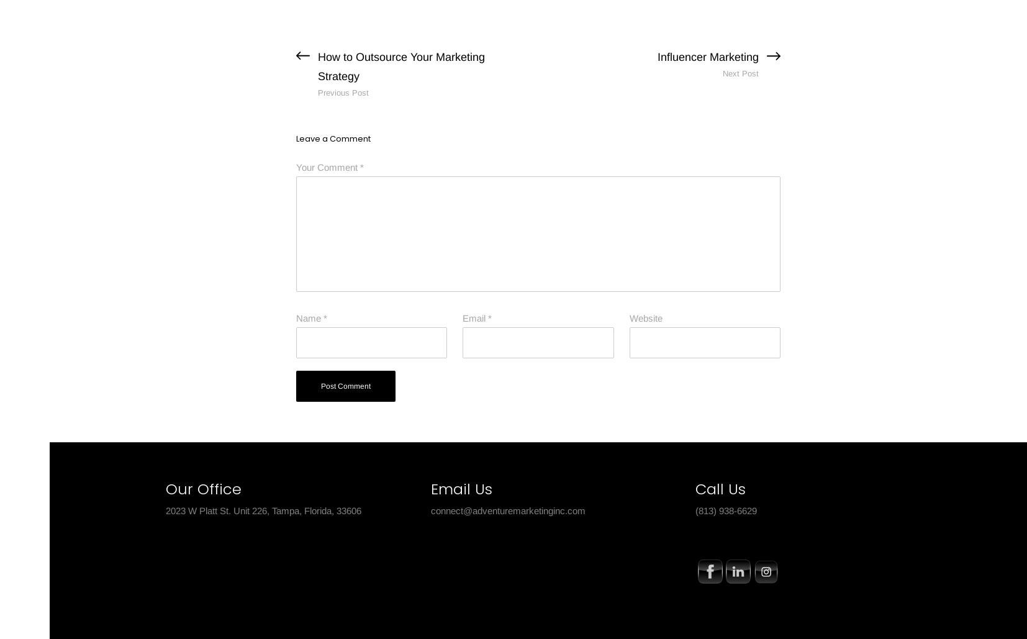 The image size is (1027, 639). Describe the element at coordinates (475, 317) in the screenshot. I see `'Email'` at that location.